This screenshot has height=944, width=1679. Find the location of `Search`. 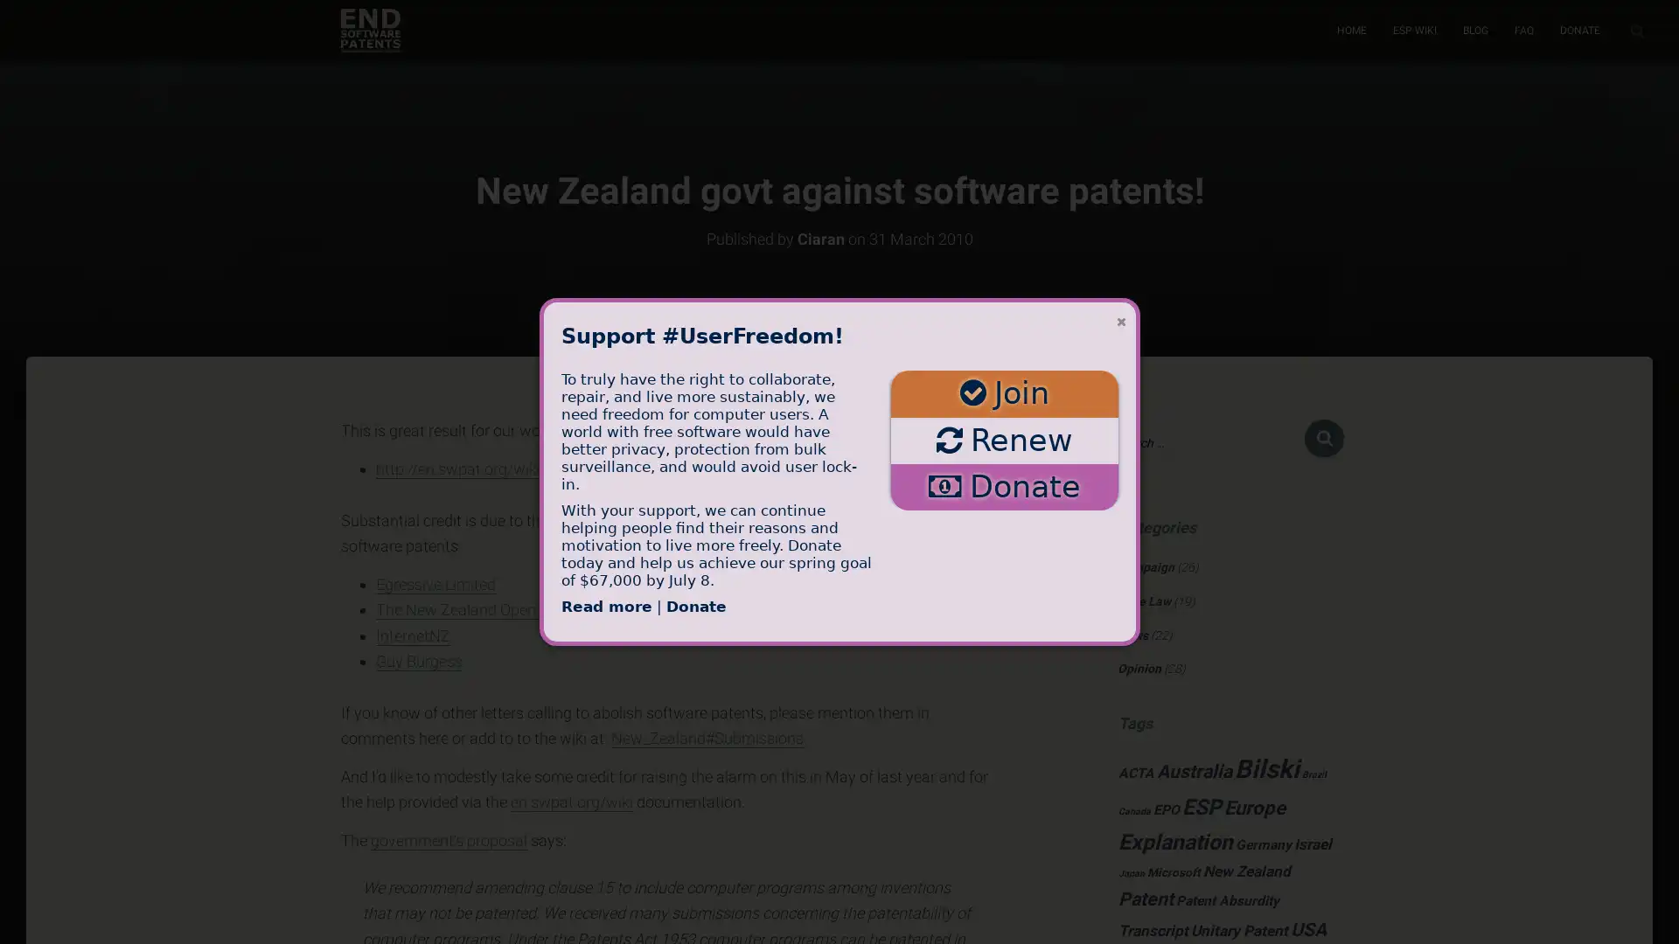

Search is located at coordinates (1324, 437).